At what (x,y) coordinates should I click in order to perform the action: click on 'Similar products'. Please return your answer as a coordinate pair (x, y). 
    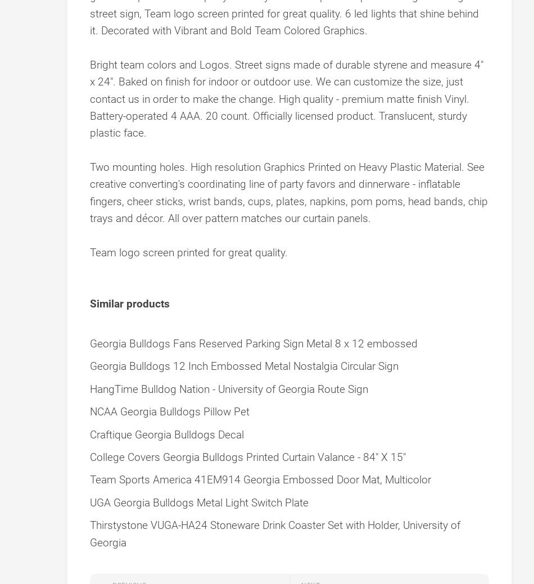
    Looking at the image, I should click on (130, 304).